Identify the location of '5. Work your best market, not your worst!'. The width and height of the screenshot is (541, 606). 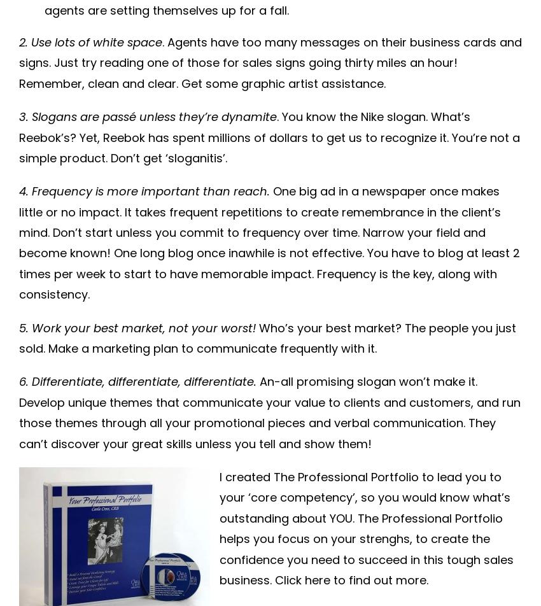
(136, 327).